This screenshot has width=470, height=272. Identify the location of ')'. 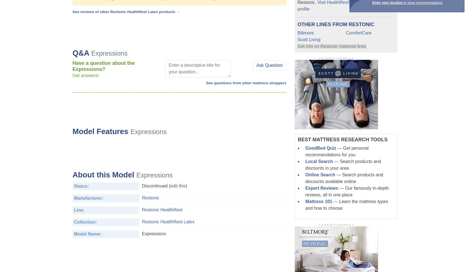
(186, 186).